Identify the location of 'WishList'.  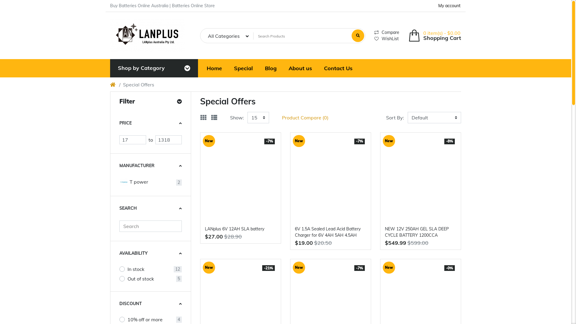
(387, 38).